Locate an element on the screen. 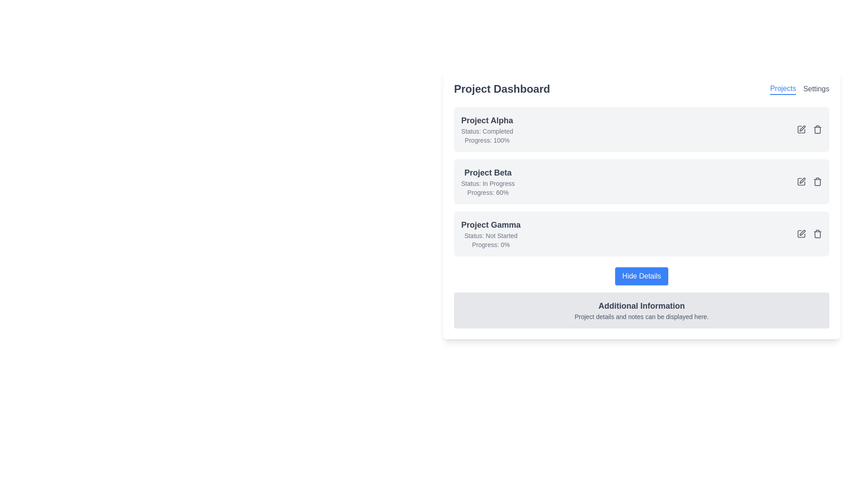 This screenshot has width=864, height=486. the gray pen icon button located at the top-right portion of the interface to initiate editing is located at coordinates (802, 128).